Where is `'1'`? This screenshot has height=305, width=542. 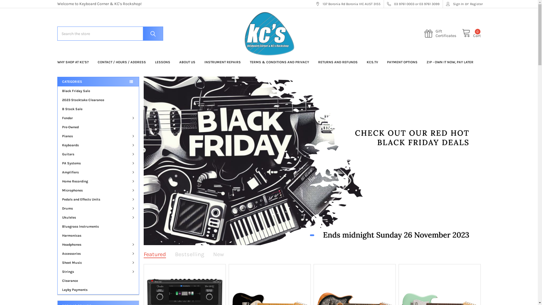 '1' is located at coordinates (312, 235).